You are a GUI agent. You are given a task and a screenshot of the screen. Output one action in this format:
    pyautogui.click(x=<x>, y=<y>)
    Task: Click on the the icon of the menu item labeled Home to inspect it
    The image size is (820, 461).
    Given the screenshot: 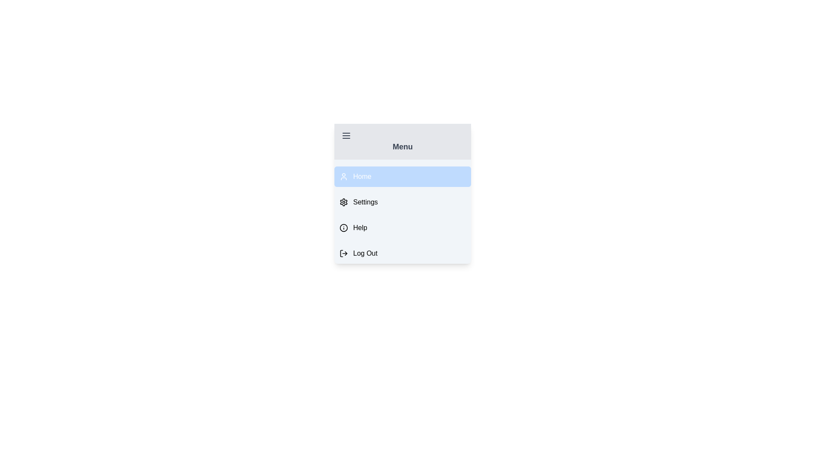 What is the action you would take?
    pyautogui.click(x=344, y=176)
    